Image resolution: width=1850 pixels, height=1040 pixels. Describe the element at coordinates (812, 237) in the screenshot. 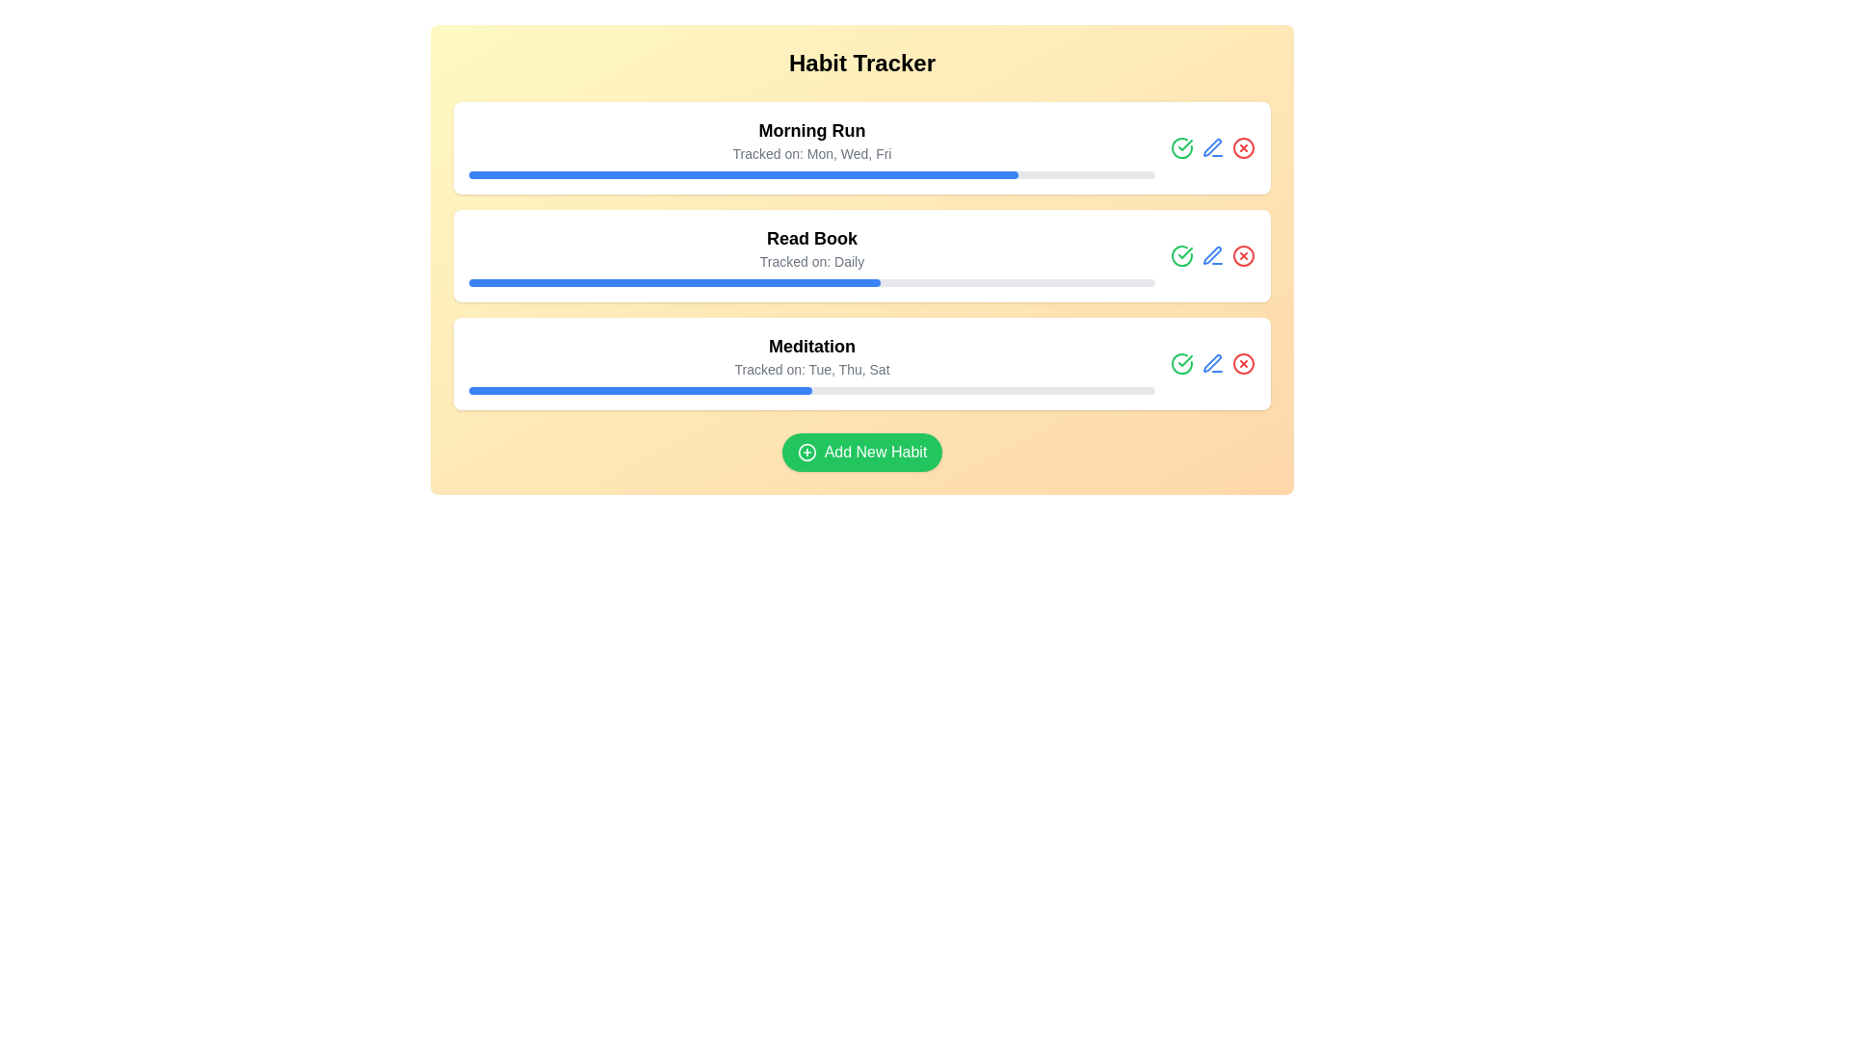

I see `the static text label that serves as the title for the current section, positioned above the text 'Tracked on: Daily' and a progress bar in the second grouped section of the list` at that location.